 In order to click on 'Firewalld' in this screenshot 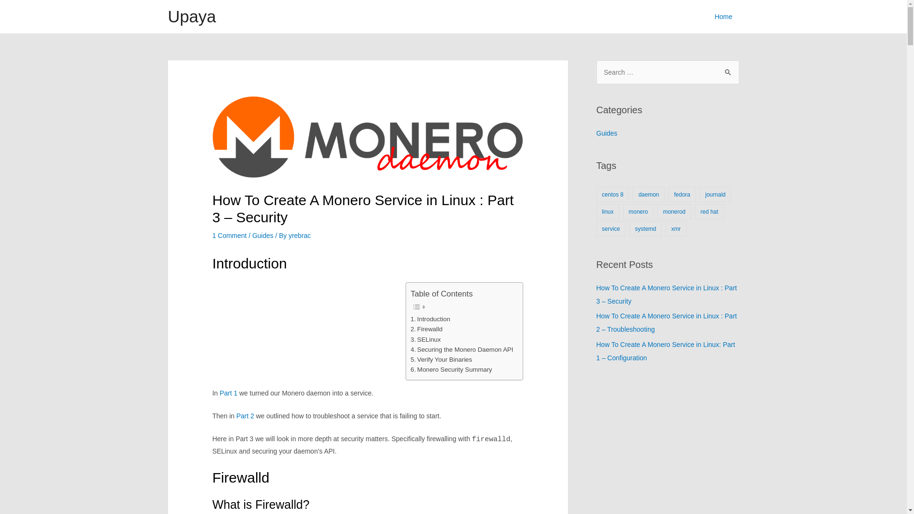, I will do `click(426, 328)`.